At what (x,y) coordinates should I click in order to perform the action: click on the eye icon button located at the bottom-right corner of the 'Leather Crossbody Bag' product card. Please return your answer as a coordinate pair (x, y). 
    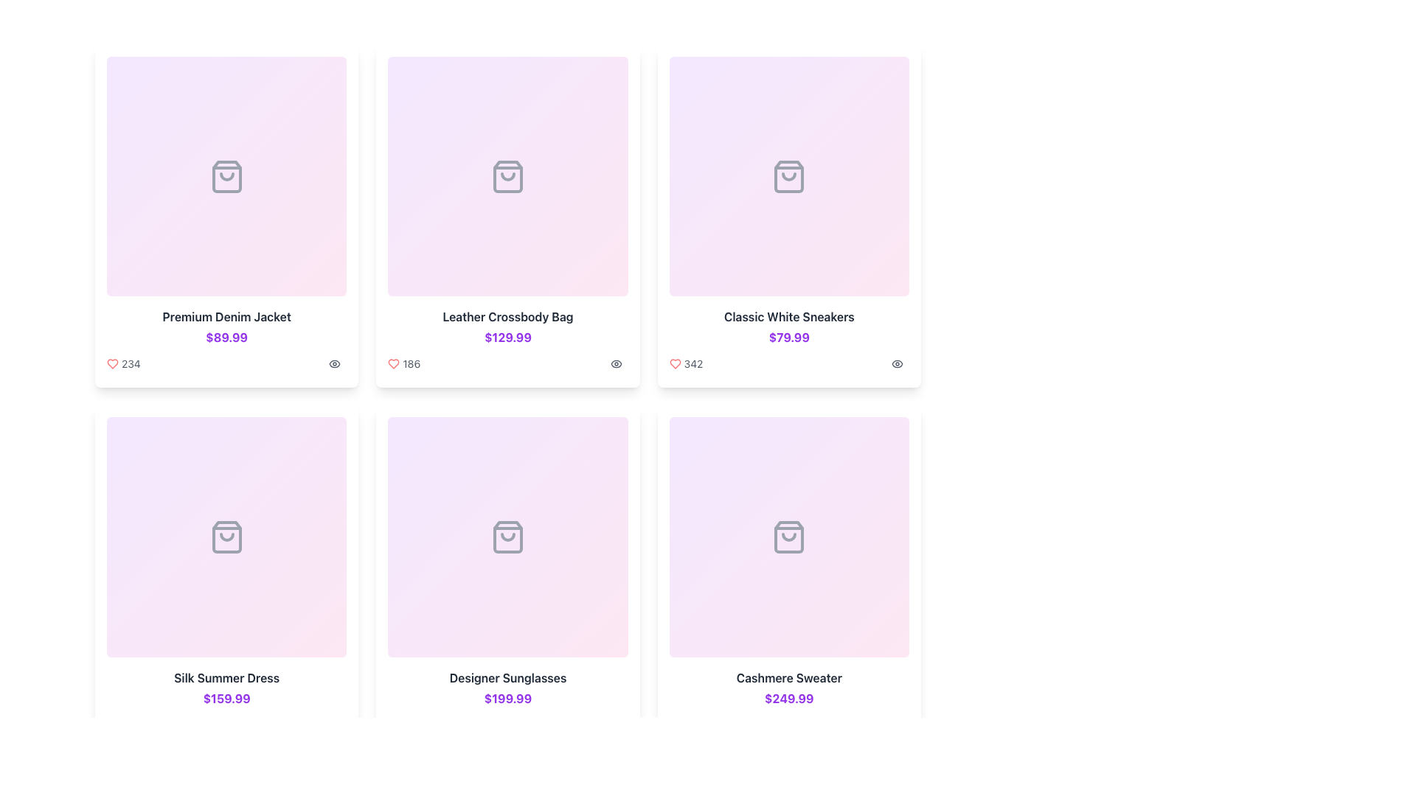
    Looking at the image, I should click on (616, 364).